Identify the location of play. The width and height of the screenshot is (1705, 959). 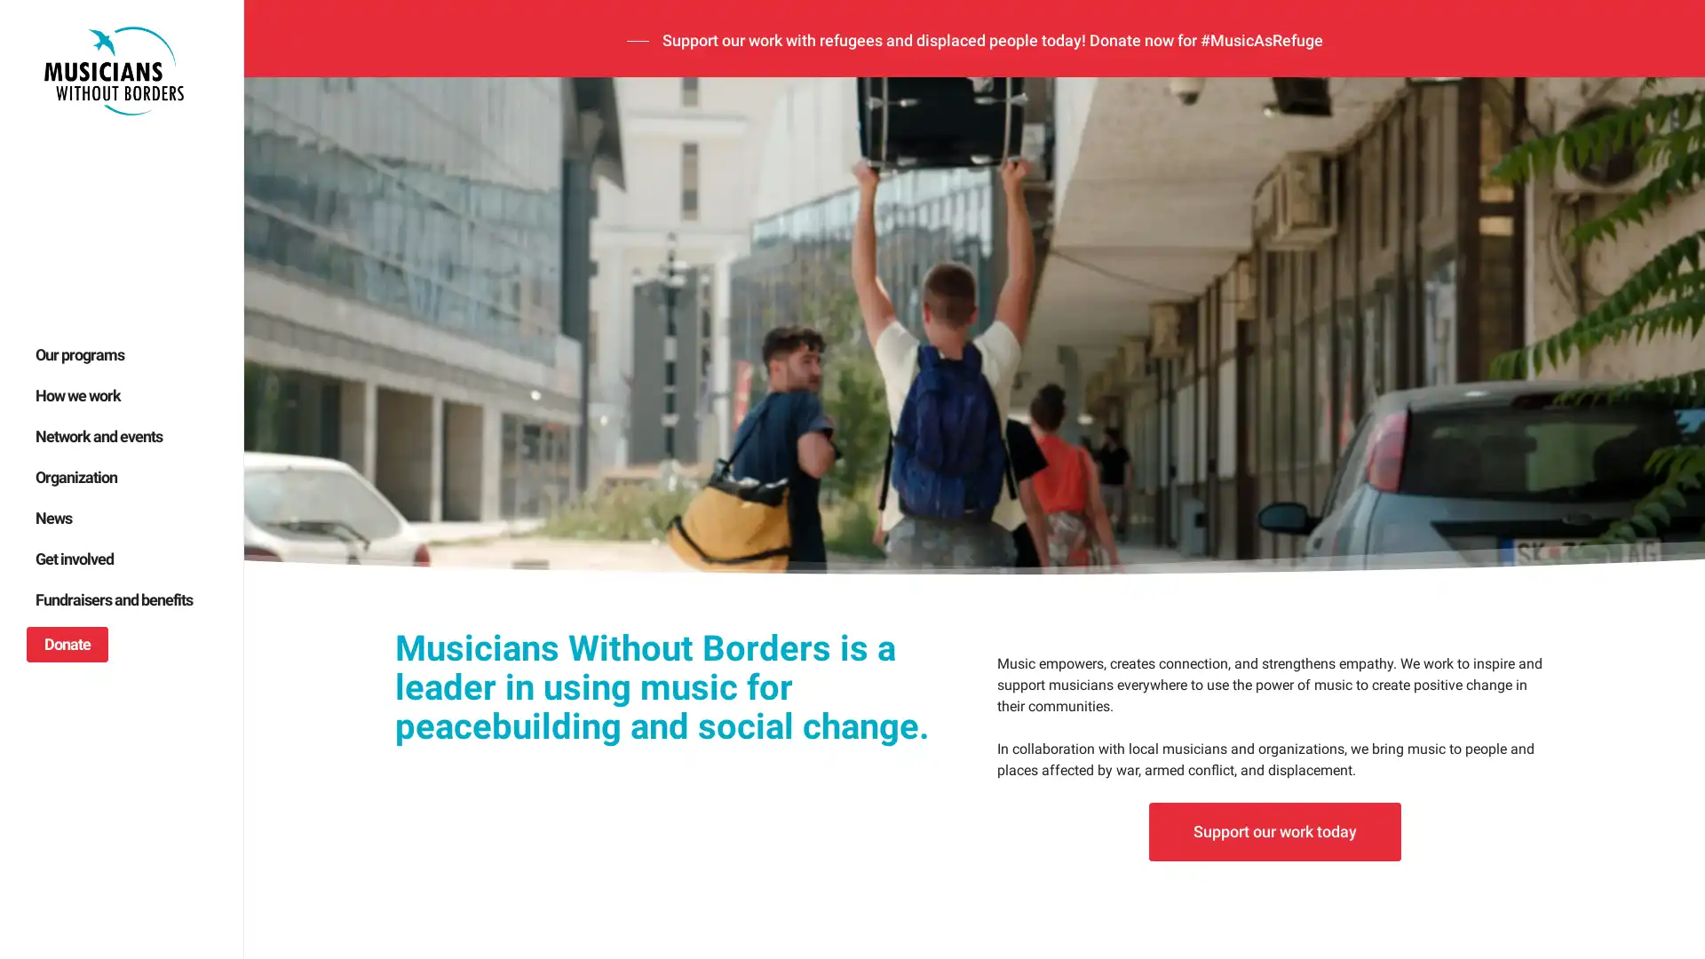
(284, 703).